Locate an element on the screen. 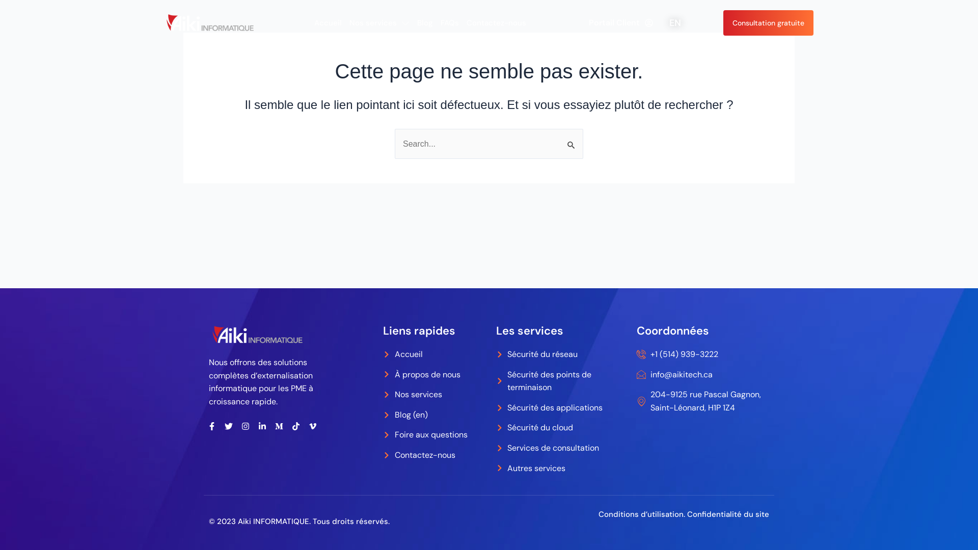  'Nos services' is located at coordinates (434, 394).